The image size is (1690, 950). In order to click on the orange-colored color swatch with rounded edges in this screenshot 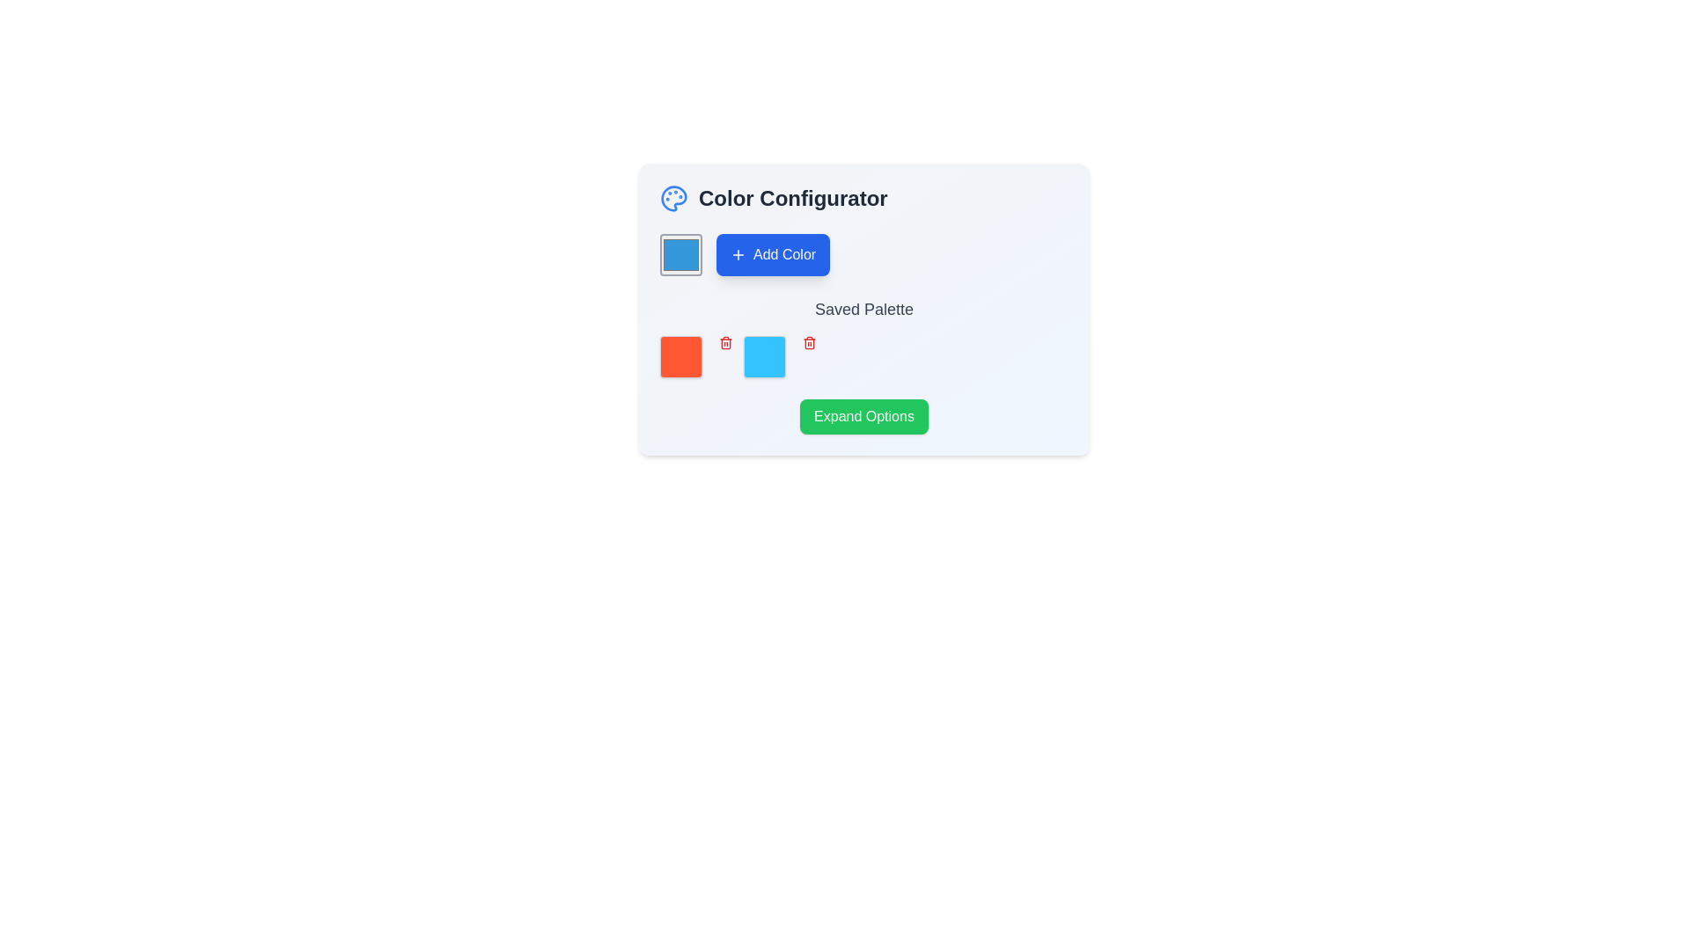, I will do `click(680, 356)`.